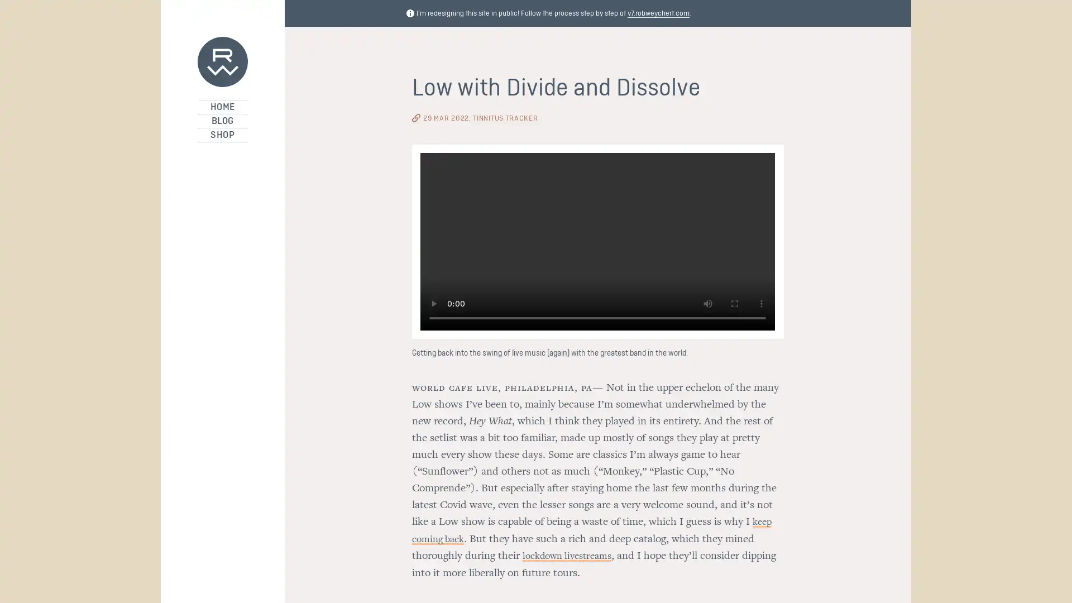 This screenshot has height=603, width=1072. What do you see at coordinates (433, 305) in the screenshot?
I see `play` at bounding box center [433, 305].